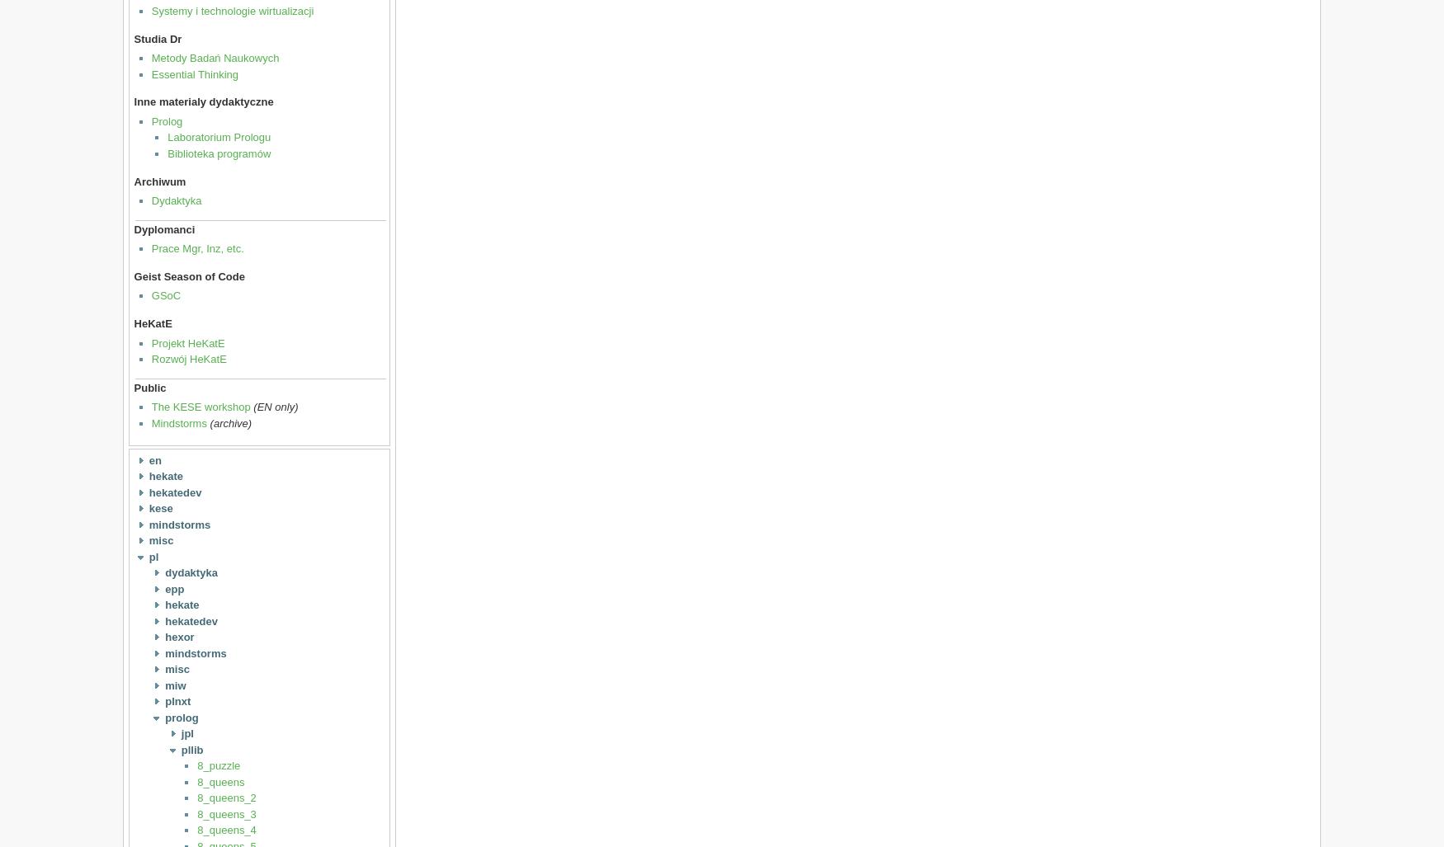  I want to click on 'epp', so click(174, 588).